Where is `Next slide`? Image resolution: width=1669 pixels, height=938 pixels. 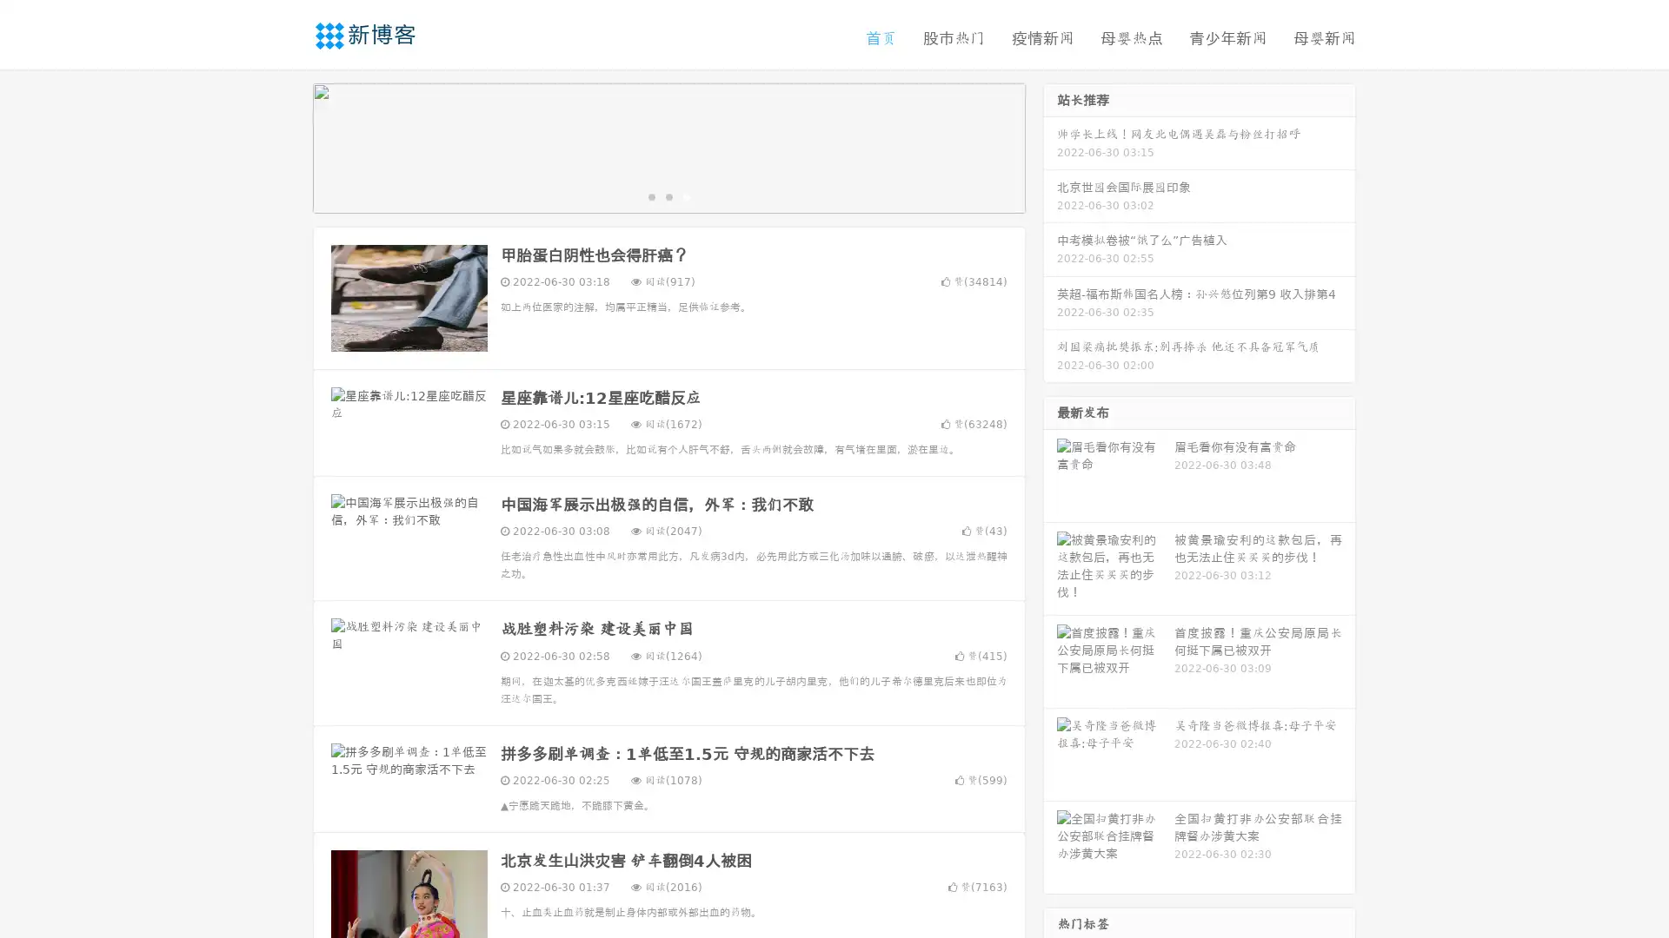 Next slide is located at coordinates (1050, 146).